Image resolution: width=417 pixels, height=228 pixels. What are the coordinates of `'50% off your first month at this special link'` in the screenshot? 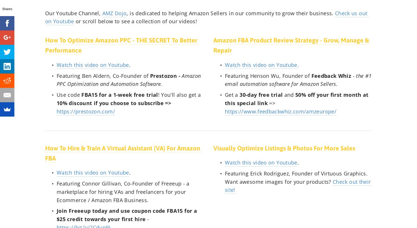 It's located at (297, 98).